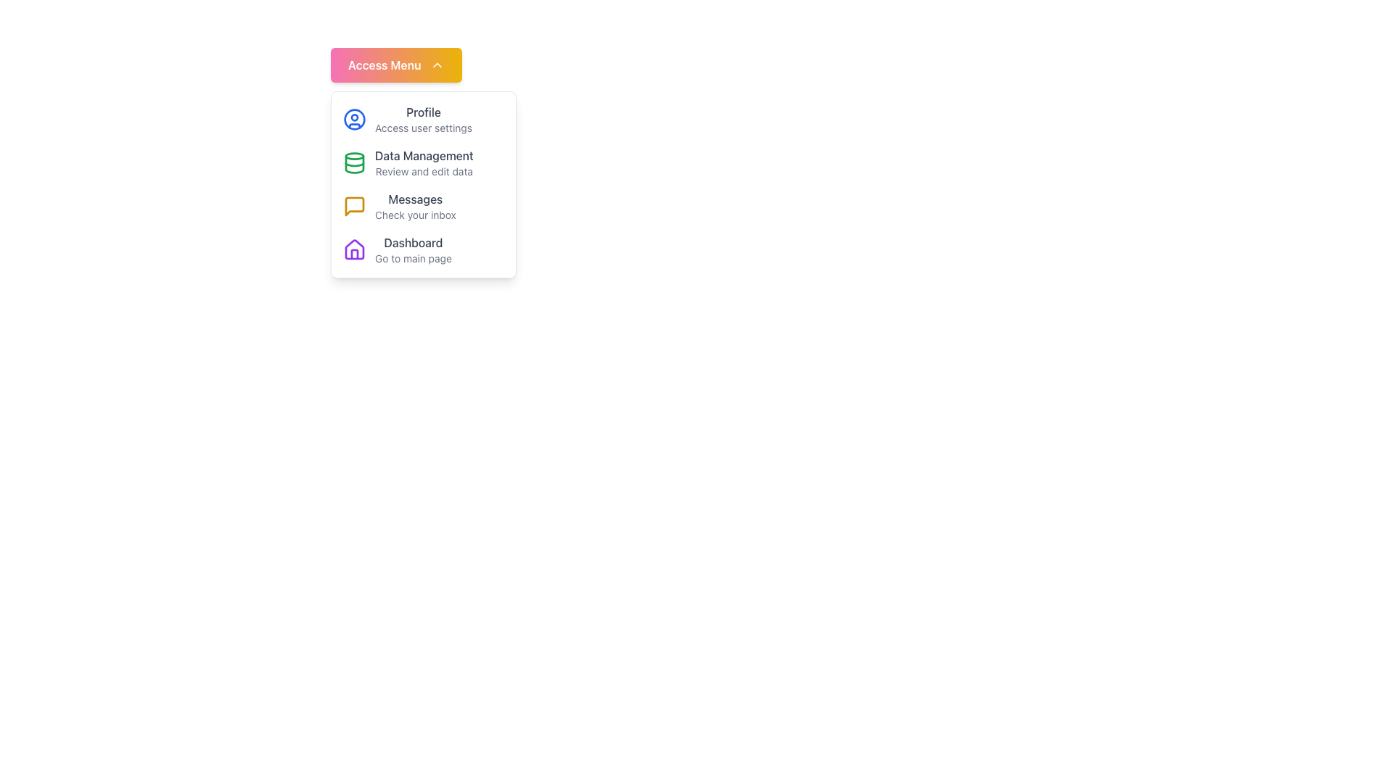  What do you see at coordinates (423, 207) in the screenshot?
I see `the 'Messages' menu item, which features a yellow message bubble icon and text indicating 'Messages' and 'Check your inbox'` at bounding box center [423, 207].